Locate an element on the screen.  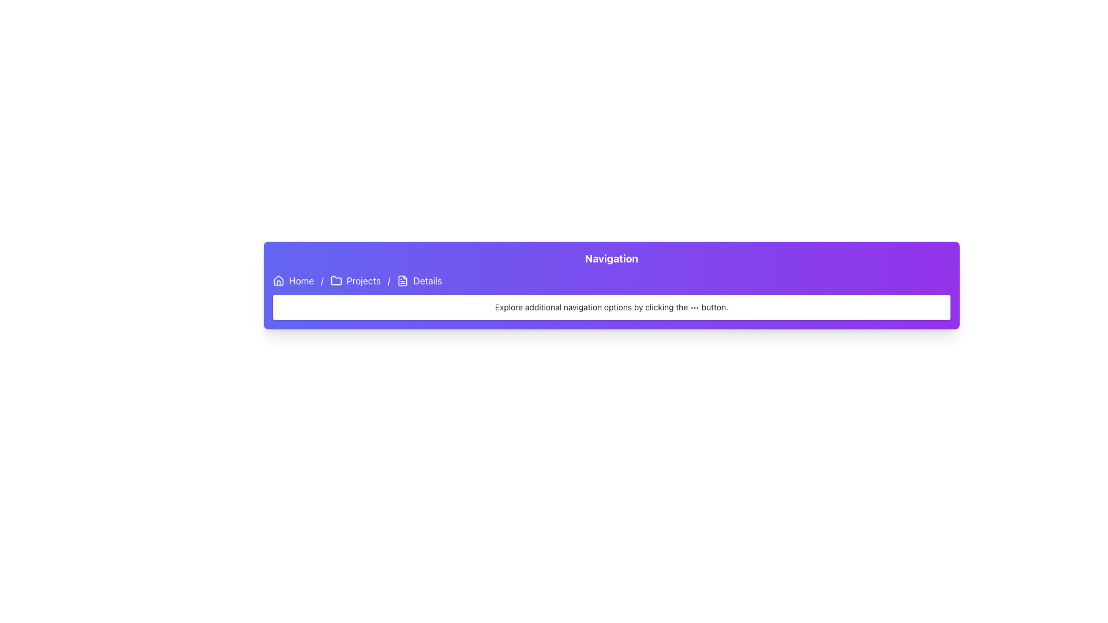
the second forward slash ('/') character in the navigation bar, which is styled in white on a purple gradient background and positioned between the 'Projects' and 'Details' labels is located at coordinates (389, 280).